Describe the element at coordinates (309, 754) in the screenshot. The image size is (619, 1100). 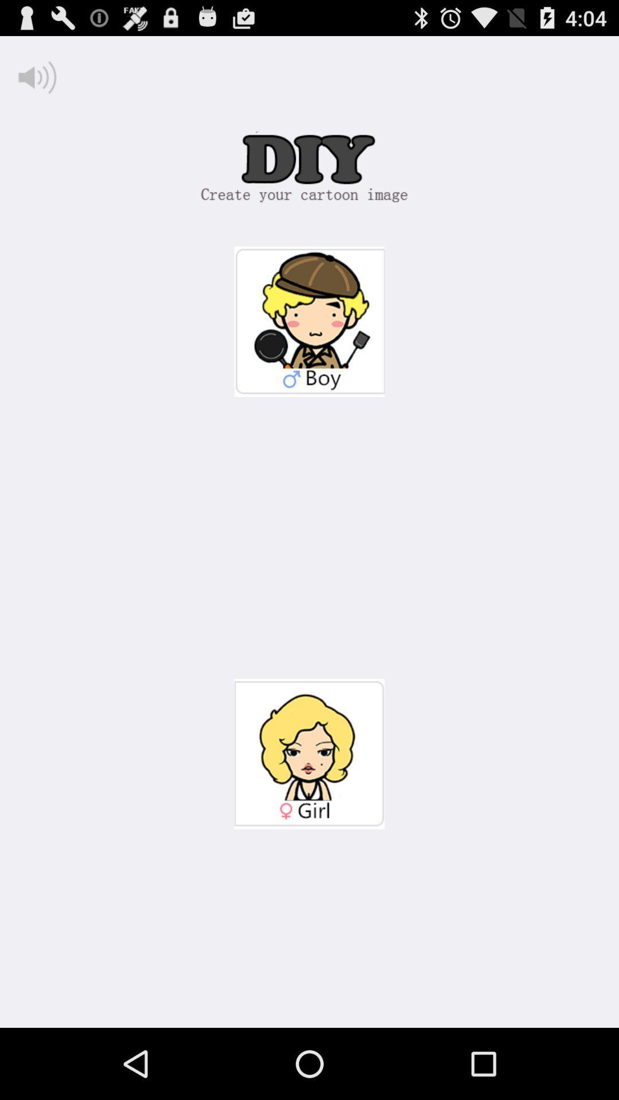
I see `female` at that location.